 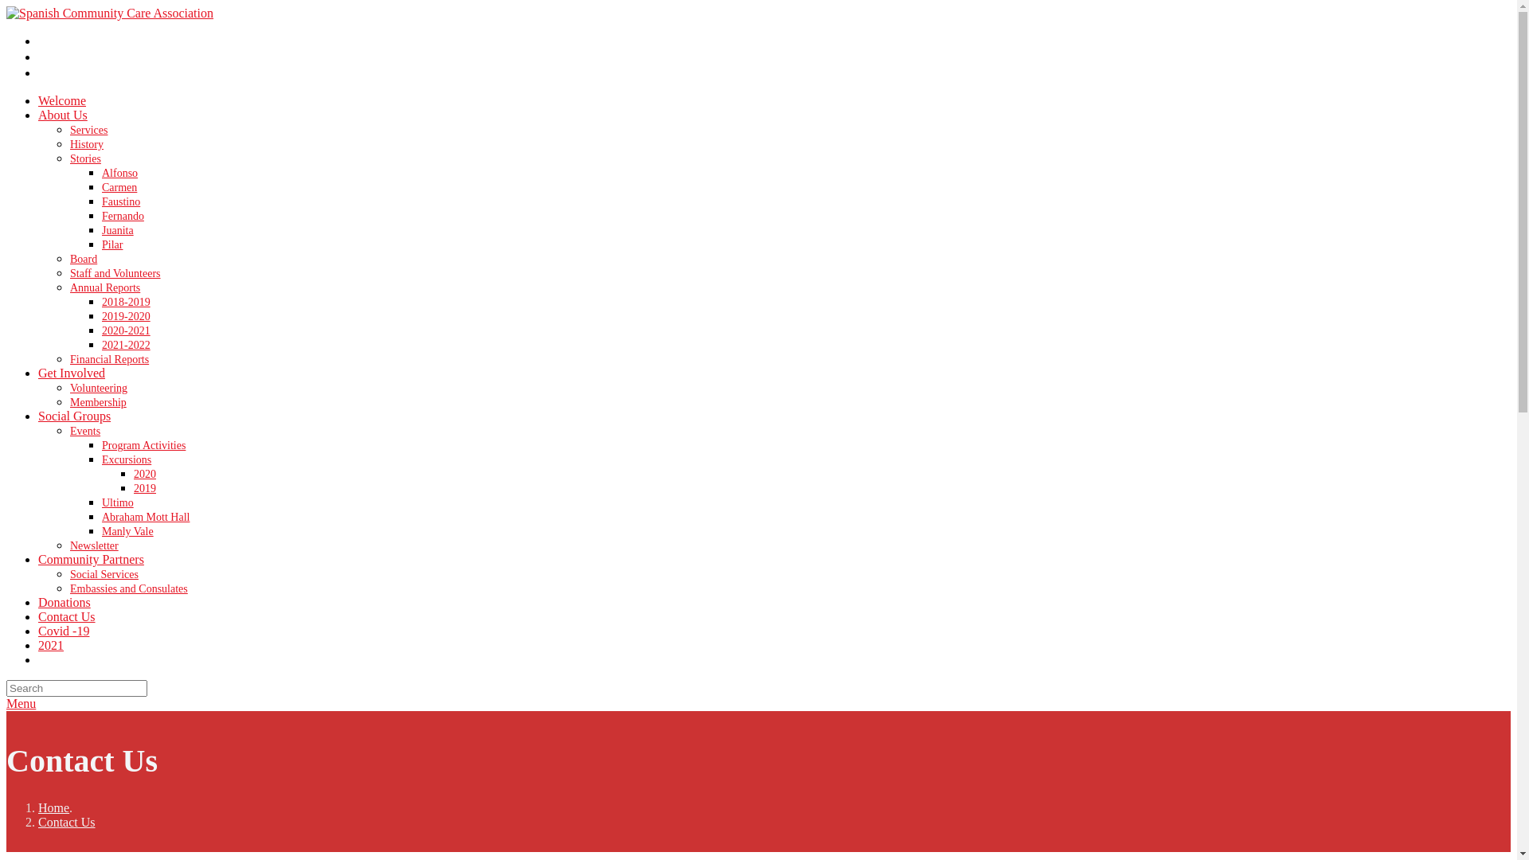 What do you see at coordinates (111, 244) in the screenshot?
I see `'Pilar'` at bounding box center [111, 244].